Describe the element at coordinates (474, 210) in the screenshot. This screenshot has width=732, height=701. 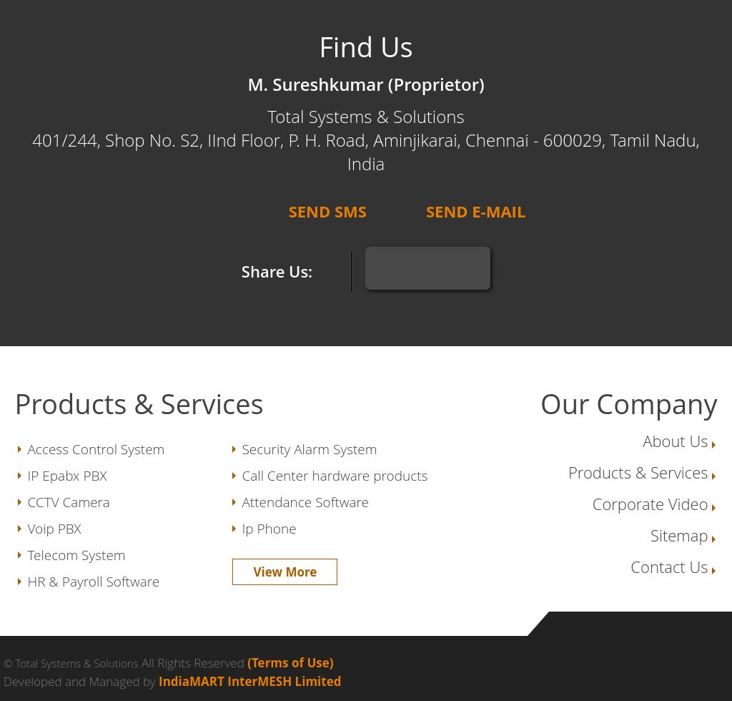
I see `'SEND E-MAIL'` at that location.